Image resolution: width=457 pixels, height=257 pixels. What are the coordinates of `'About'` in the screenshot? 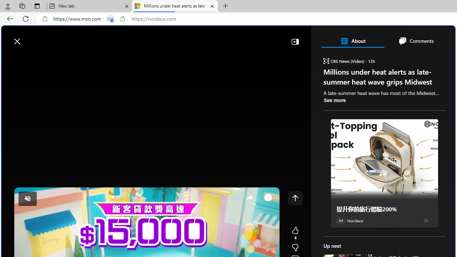 It's located at (352, 41).